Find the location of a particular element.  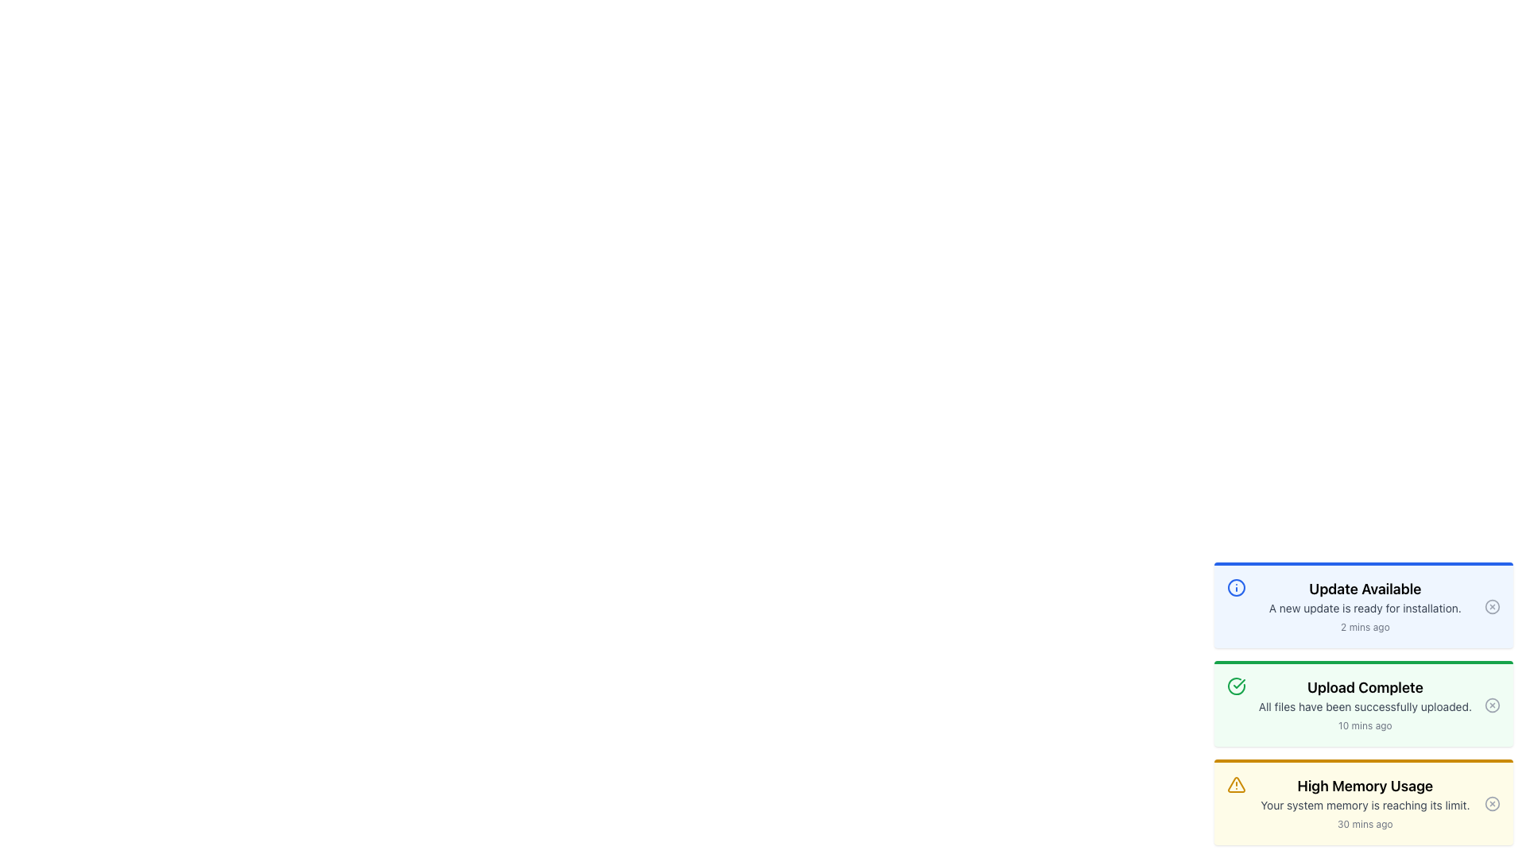

the notification box with a green header titled 'Upload Complete' which is the second notification from the top in the bottom-right corner of the interface is located at coordinates (1362, 703).